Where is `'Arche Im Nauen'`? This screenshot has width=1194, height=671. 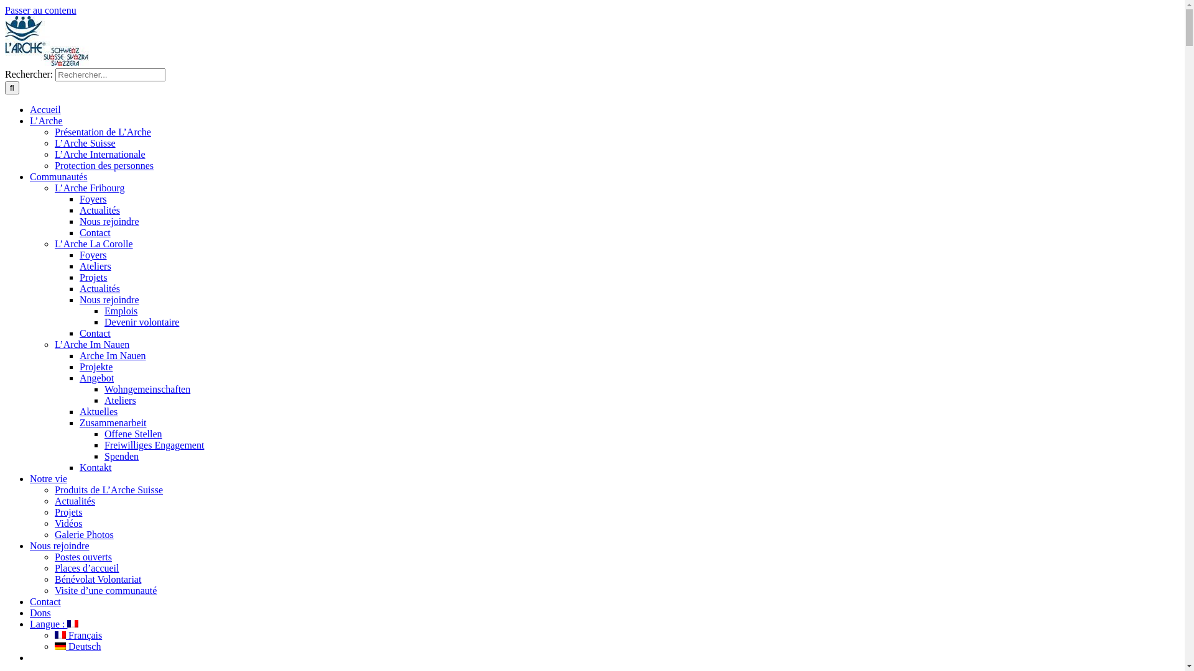 'Arche Im Nauen' is located at coordinates (113, 355).